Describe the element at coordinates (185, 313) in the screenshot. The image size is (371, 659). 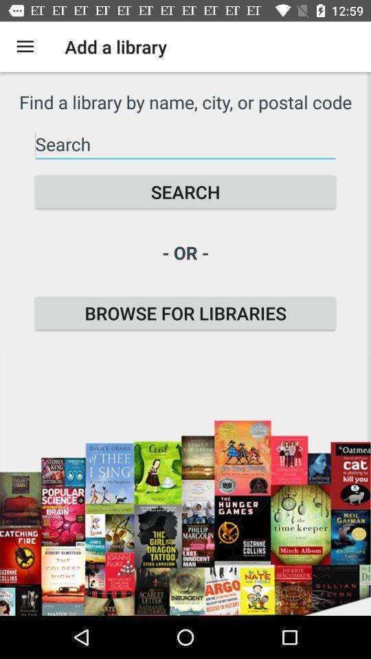
I see `the item below - or - item` at that location.